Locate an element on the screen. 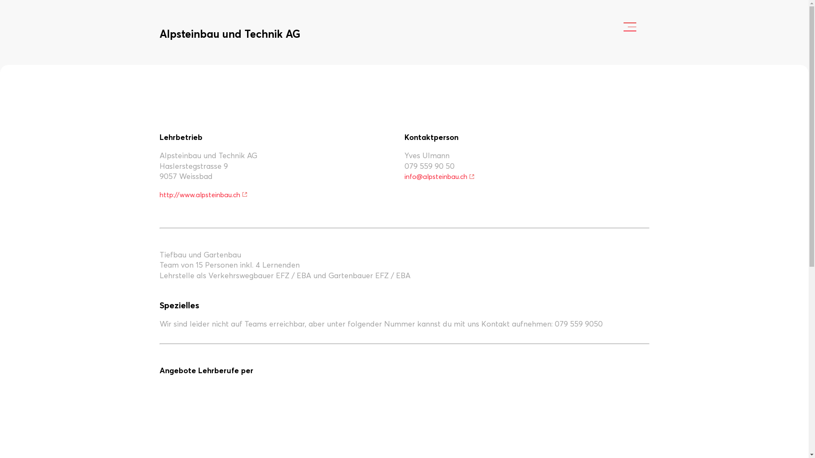  'http://www.alpsteinbau.ch' is located at coordinates (204, 195).